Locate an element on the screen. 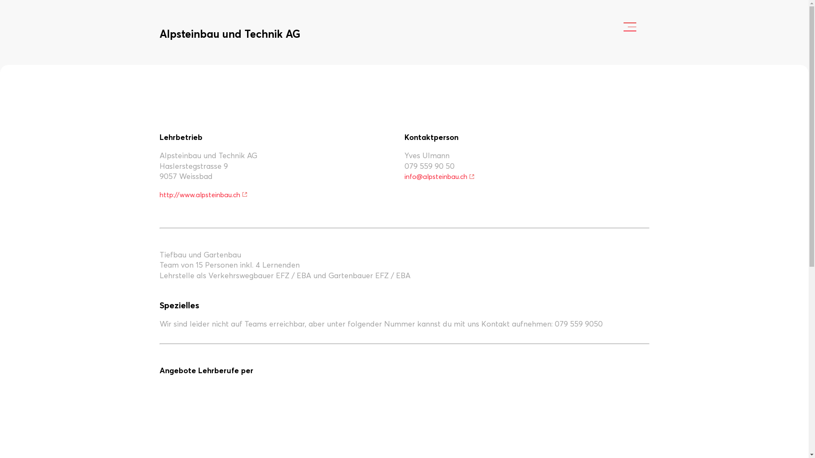  'http://www.alpsteinbau.ch' is located at coordinates (204, 195).